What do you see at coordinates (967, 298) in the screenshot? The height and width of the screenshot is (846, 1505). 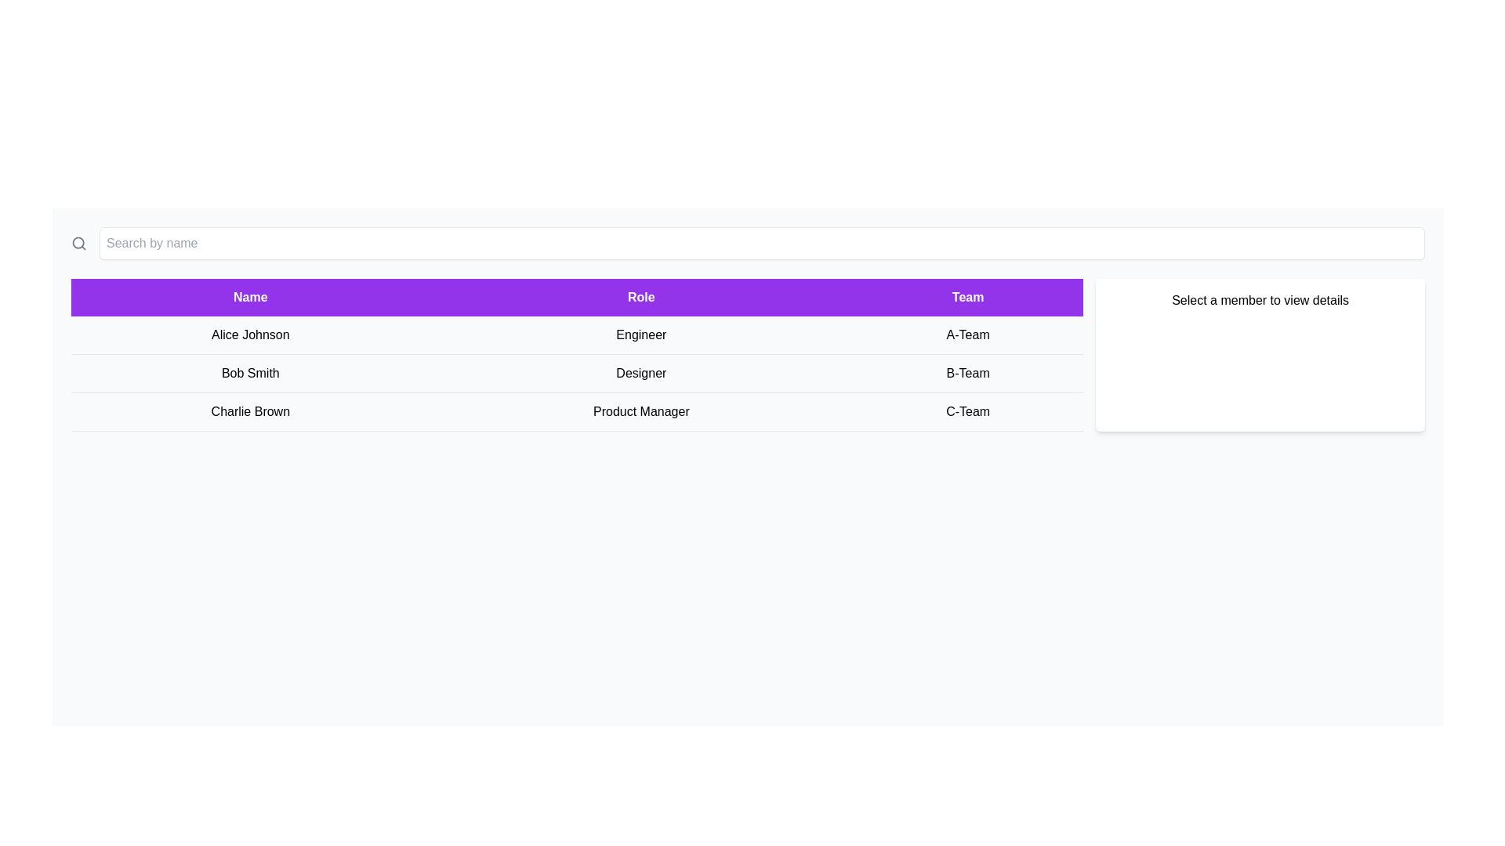 I see `the 'Team' column header in the table, which is the third column header located to the right of the 'Role' header` at bounding box center [967, 298].